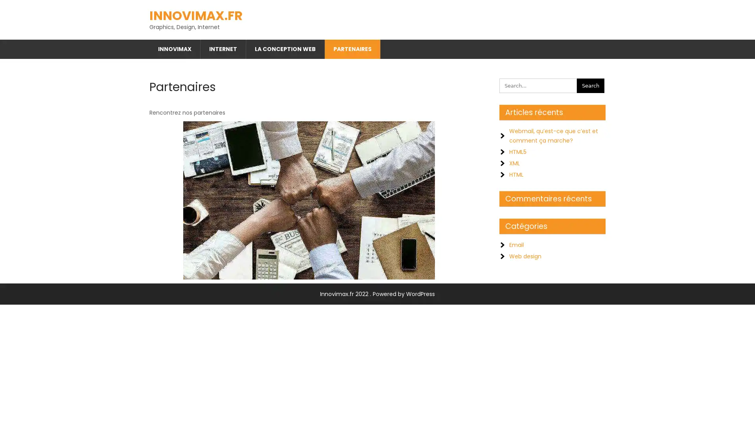 The image size is (755, 424). What do you see at coordinates (591, 83) in the screenshot?
I see `Search` at bounding box center [591, 83].